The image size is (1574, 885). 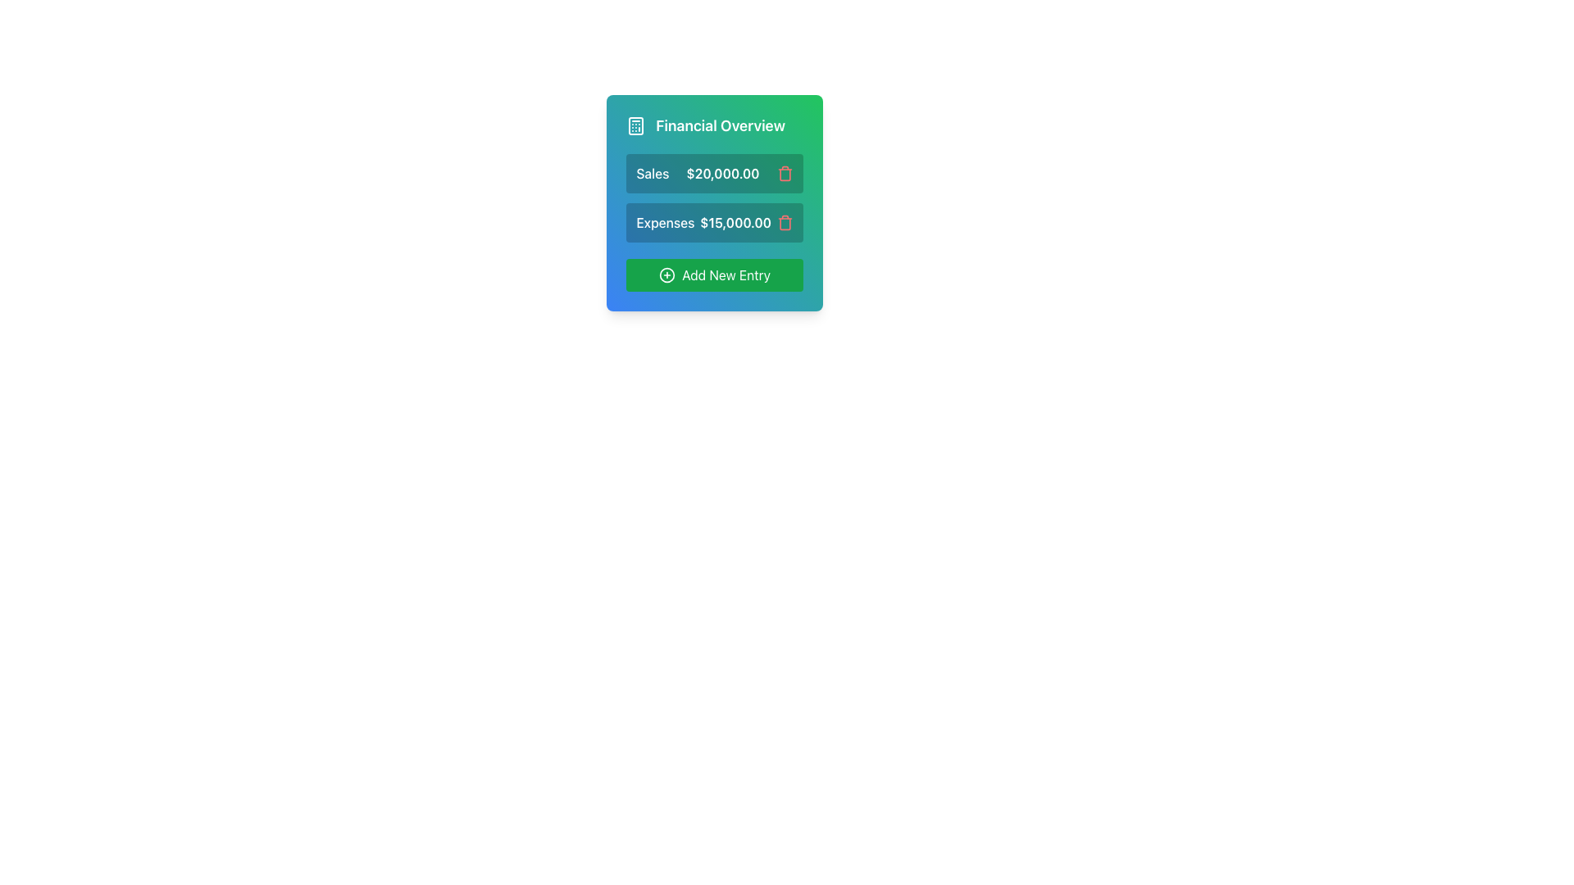 I want to click on the calculator icon located to the left of the 'Financial Overview' text label in the 'Financial Overview' header section, so click(x=635, y=125).